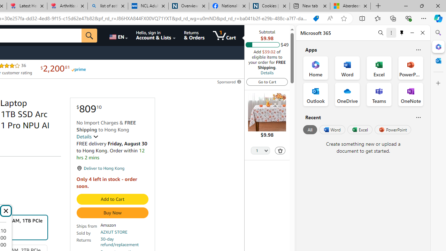 The height and width of the screenshot is (251, 446). Describe the element at coordinates (347, 68) in the screenshot. I see `'Word Office App'` at that location.